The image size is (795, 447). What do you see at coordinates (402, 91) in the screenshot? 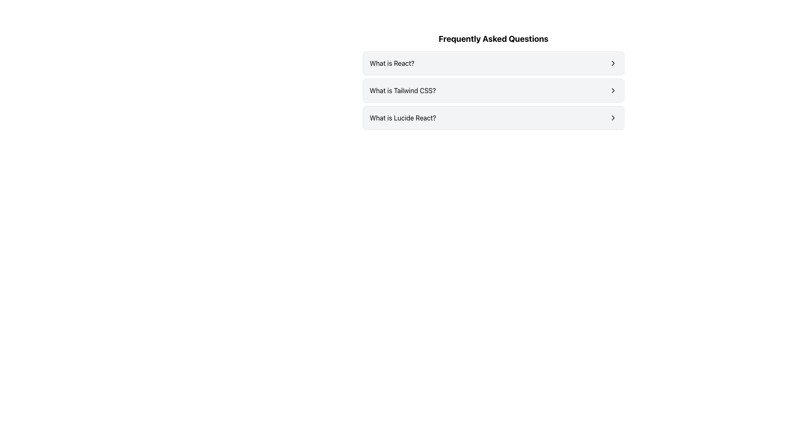
I see `the text label displaying the question 'What is Tailwind CSS?' which is the second item in the FAQ list` at bounding box center [402, 91].